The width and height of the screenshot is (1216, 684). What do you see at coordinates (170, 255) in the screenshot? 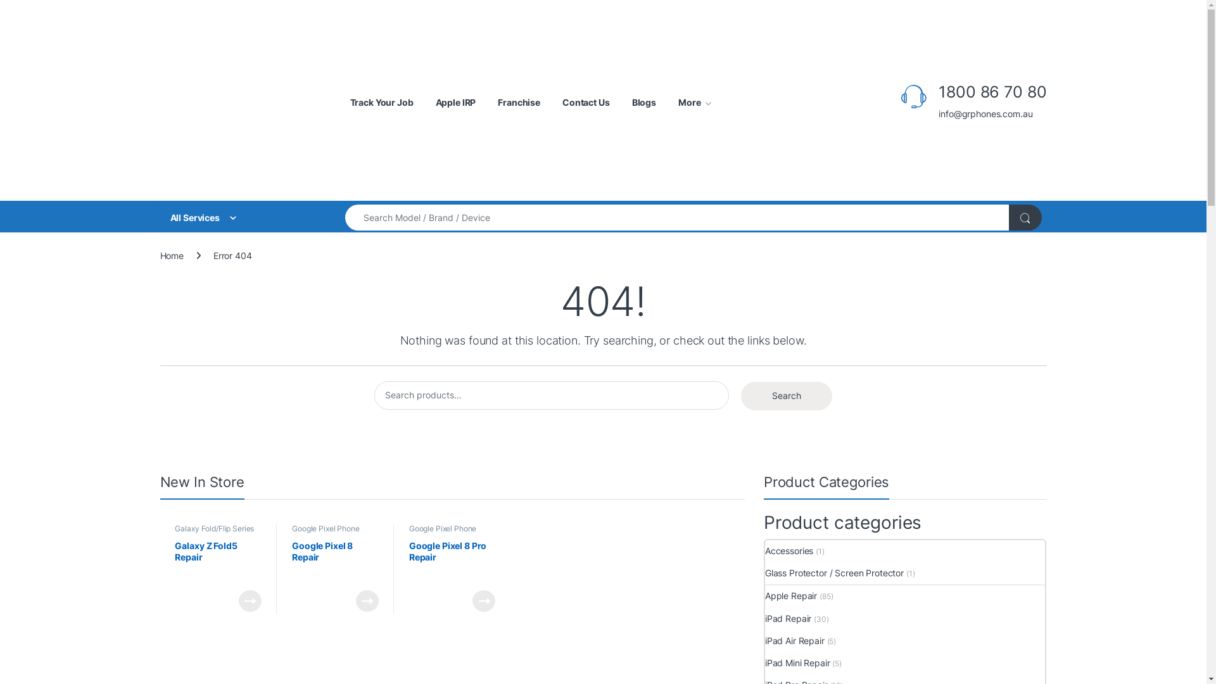
I see `'Home'` at bounding box center [170, 255].